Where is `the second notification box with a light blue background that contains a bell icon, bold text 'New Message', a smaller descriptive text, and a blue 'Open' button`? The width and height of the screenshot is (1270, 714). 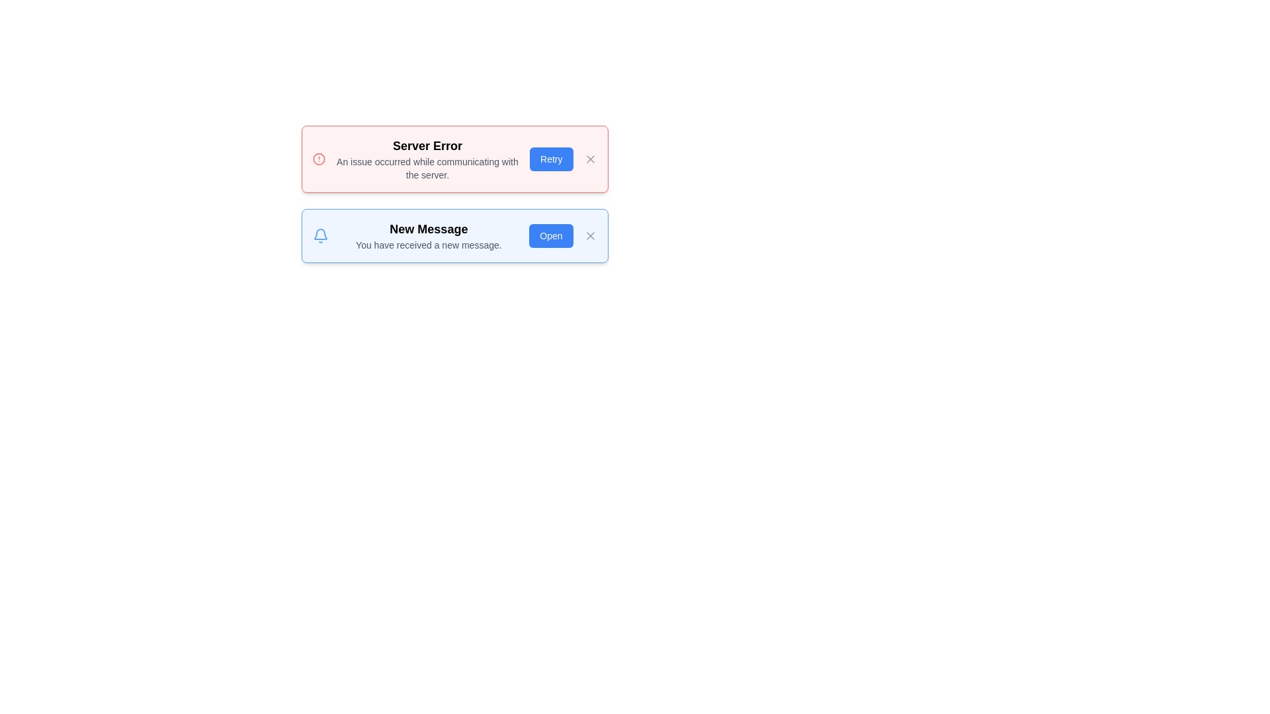
the second notification box with a light blue background that contains a bell icon, bold text 'New Message', a smaller descriptive text, and a blue 'Open' button is located at coordinates (454, 235).